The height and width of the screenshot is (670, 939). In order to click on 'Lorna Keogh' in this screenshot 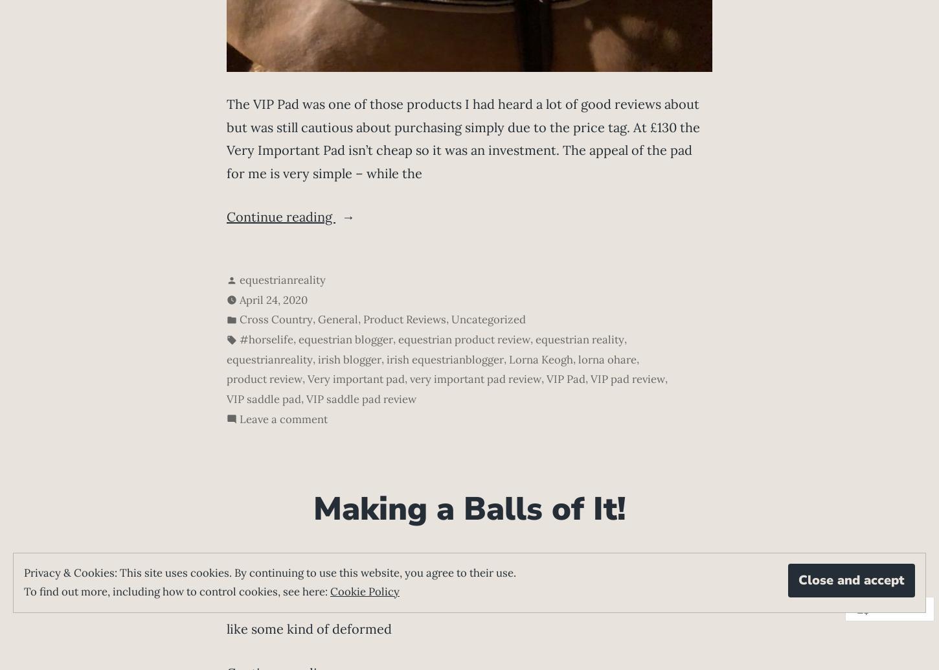, I will do `click(509, 359)`.